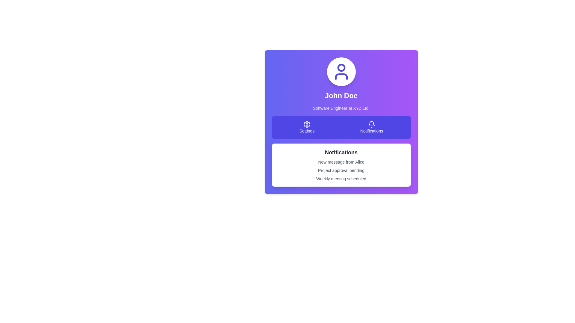  Describe the element at coordinates (341, 71) in the screenshot. I see `the user profile icon located centrally at the top of the card layout, above the text 'John Doe'` at that location.